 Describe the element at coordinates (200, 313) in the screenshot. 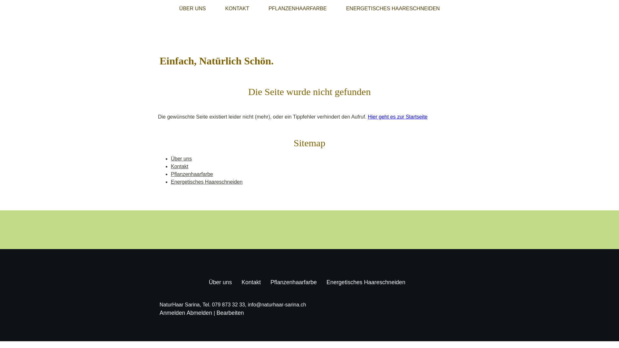

I see `'Abmelden'` at that location.